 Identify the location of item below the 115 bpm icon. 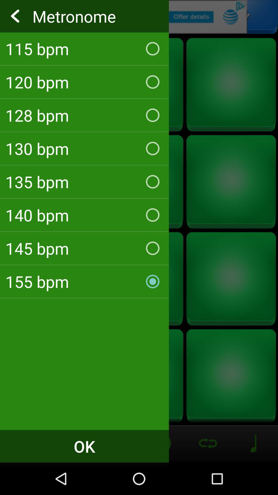
(84, 81).